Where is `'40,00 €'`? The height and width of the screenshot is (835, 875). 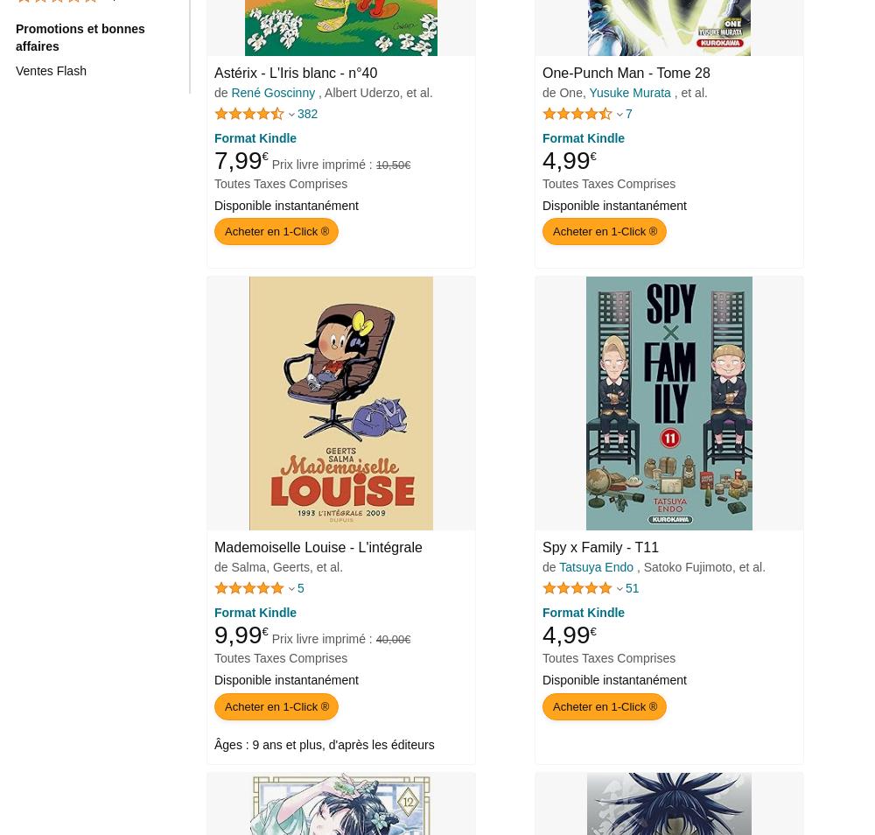 '40,00 €' is located at coordinates (394, 640).